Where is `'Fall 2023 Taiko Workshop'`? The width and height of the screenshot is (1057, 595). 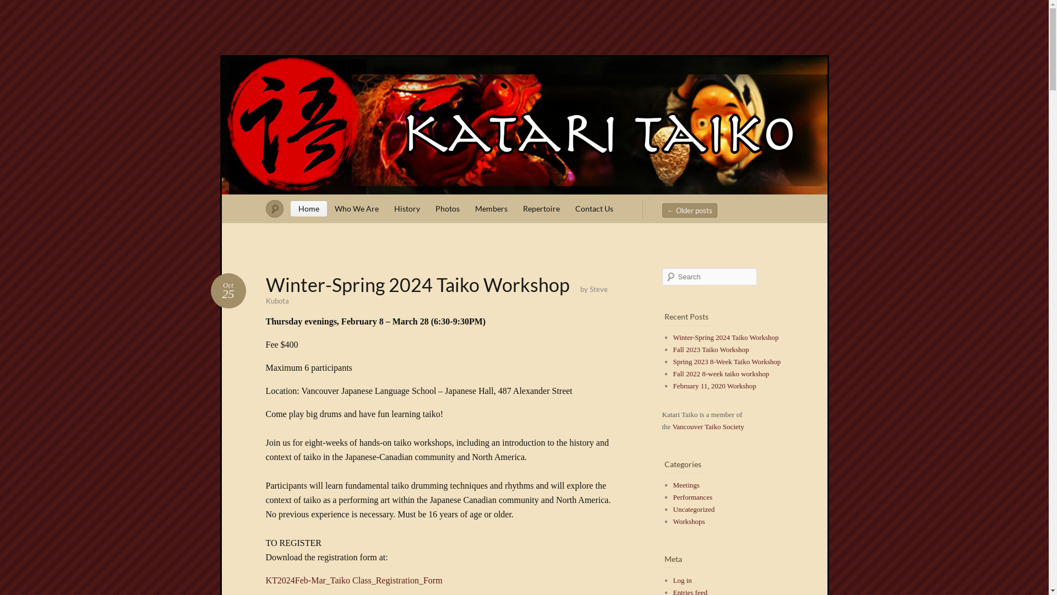
'Fall 2023 Taiko Workshop' is located at coordinates (711, 349).